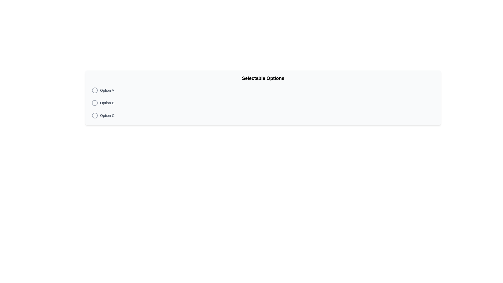 This screenshot has width=503, height=283. What do you see at coordinates (95, 103) in the screenshot?
I see `the second radio button in the 'Selectable Options' group` at bounding box center [95, 103].